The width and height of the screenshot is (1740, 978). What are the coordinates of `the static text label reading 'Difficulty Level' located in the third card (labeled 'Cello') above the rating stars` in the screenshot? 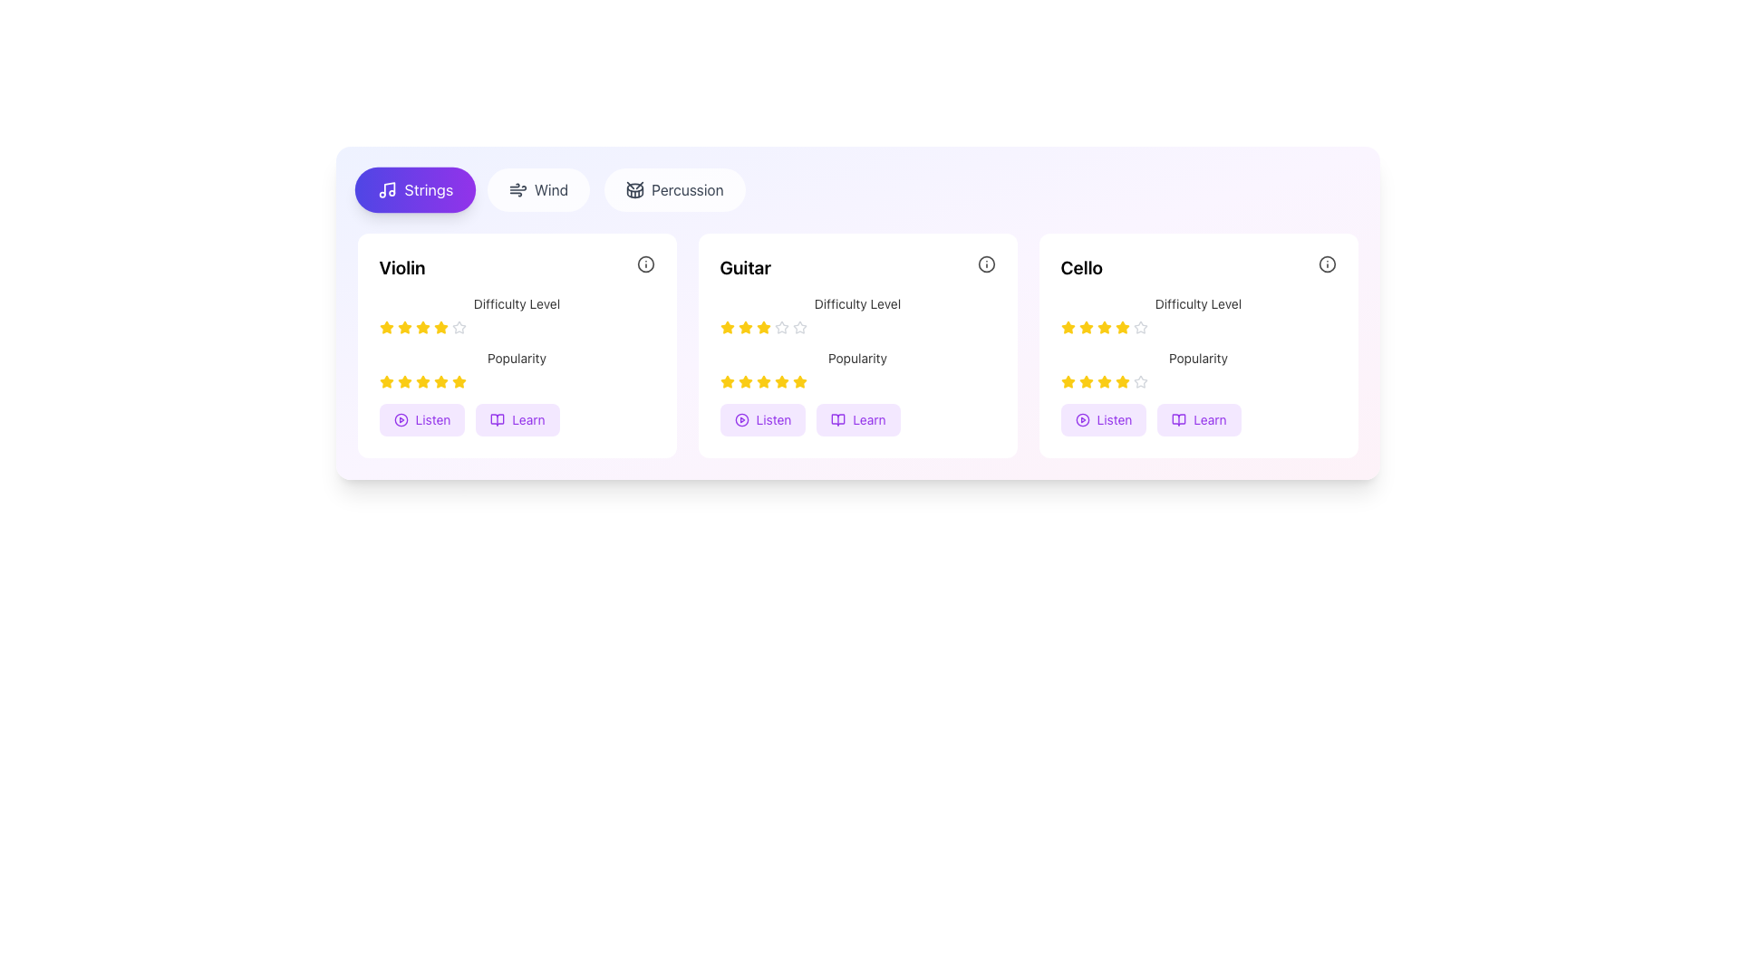 It's located at (1198, 302).